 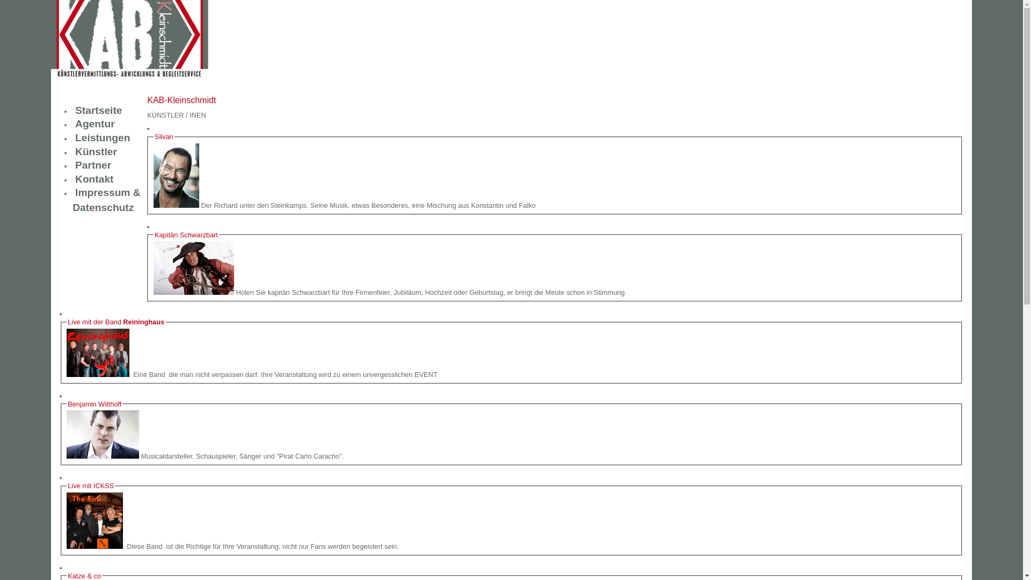 What do you see at coordinates (95, 123) in the screenshot?
I see `'Agentur'` at bounding box center [95, 123].